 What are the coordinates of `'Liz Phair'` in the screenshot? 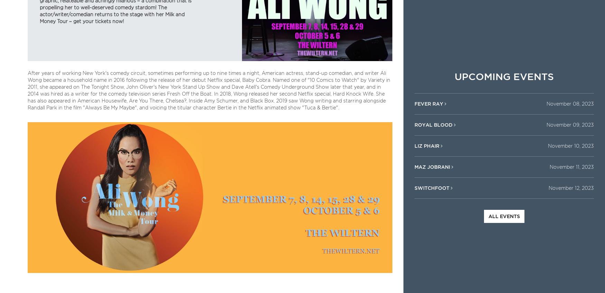 It's located at (426, 145).